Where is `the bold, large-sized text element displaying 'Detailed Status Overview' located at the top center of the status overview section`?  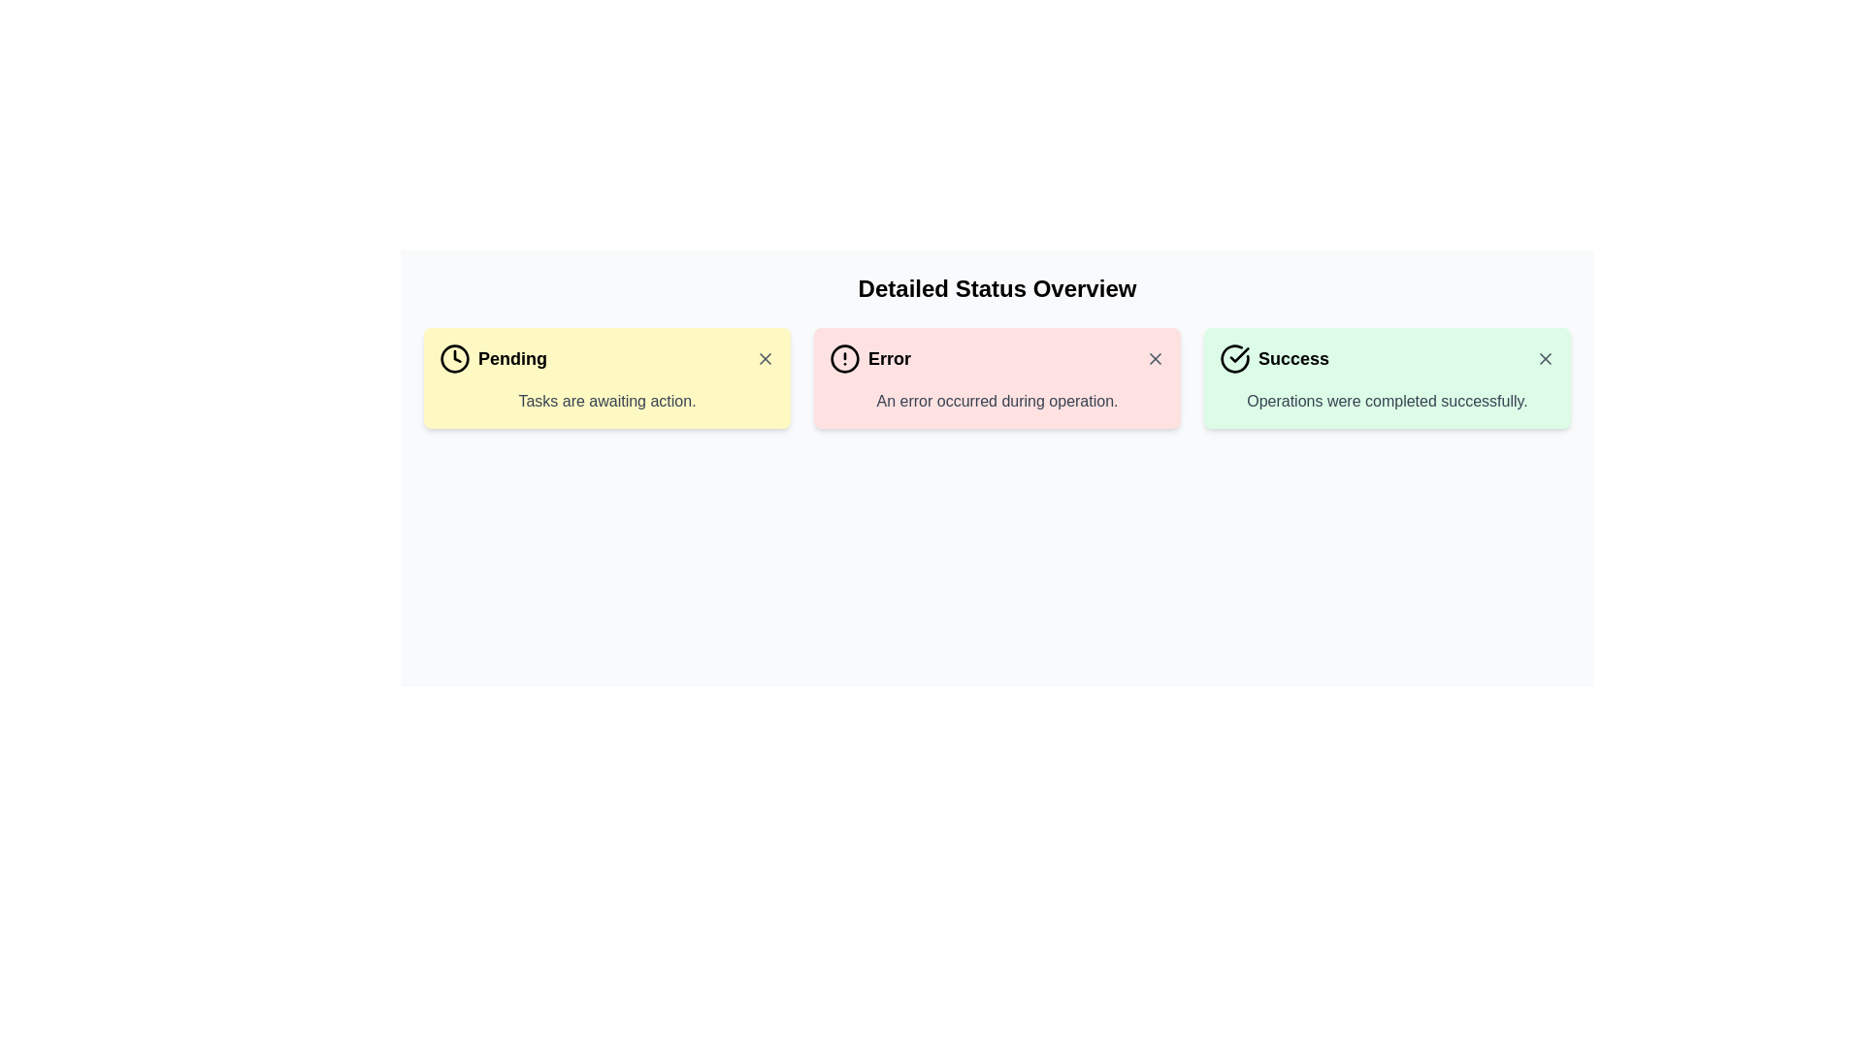
the bold, large-sized text element displaying 'Detailed Status Overview' located at the top center of the status overview section is located at coordinates (997, 288).